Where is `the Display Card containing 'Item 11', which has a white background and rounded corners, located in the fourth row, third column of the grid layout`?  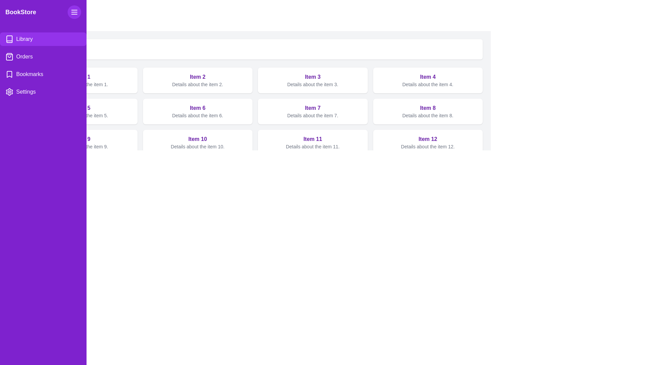
the Display Card containing 'Item 11', which has a white background and rounded corners, located in the fourth row, third column of the grid layout is located at coordinates (312, 142).